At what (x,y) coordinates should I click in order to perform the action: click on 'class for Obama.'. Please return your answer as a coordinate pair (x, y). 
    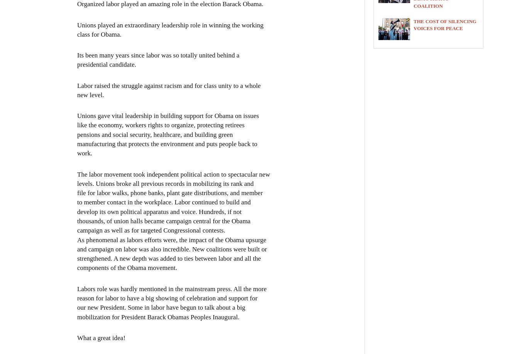
    Looking at the image, I should click on (76, 34).